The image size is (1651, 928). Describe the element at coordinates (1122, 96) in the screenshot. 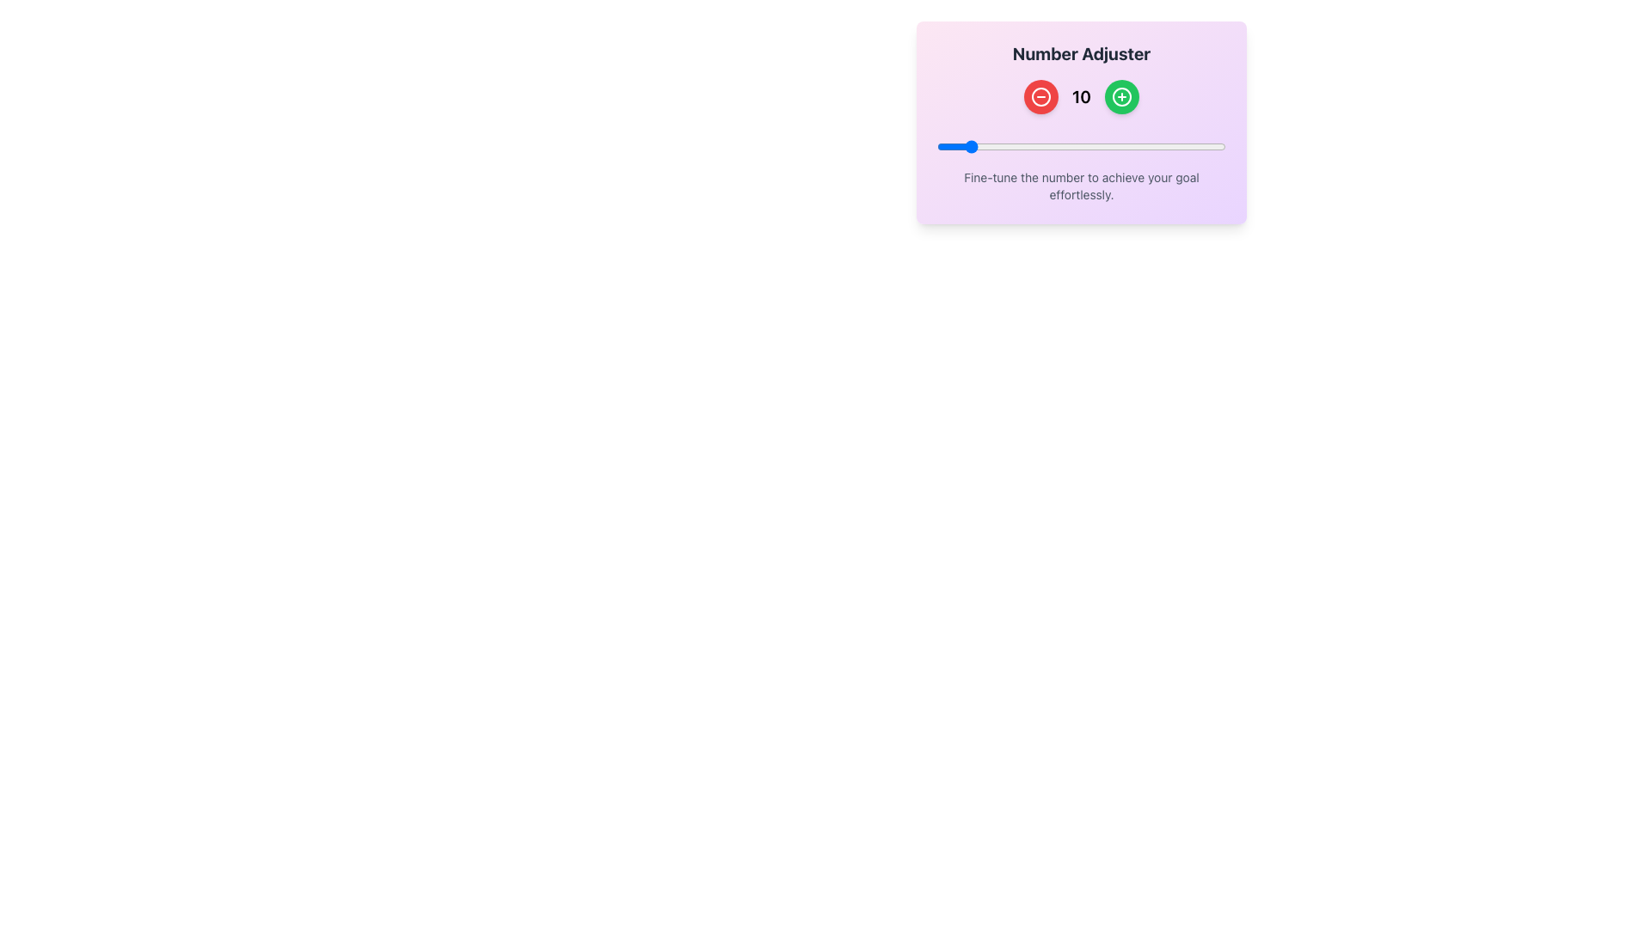

I see `the add button represented by the '+' icon, located to the right of the numeric display '10' in the 'Number Adjuster' panel` at that location.